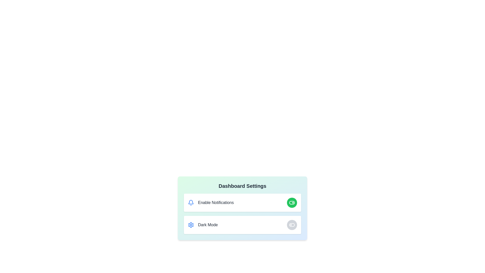 Image resolution: width=485 pixels, height=273 pixels. Describe the element at coordinates (292, 202) in the screenshot. I see `the circular toggle switch with a green background located at the far right of the 'Enable Notifications' row to change its state` at that location.